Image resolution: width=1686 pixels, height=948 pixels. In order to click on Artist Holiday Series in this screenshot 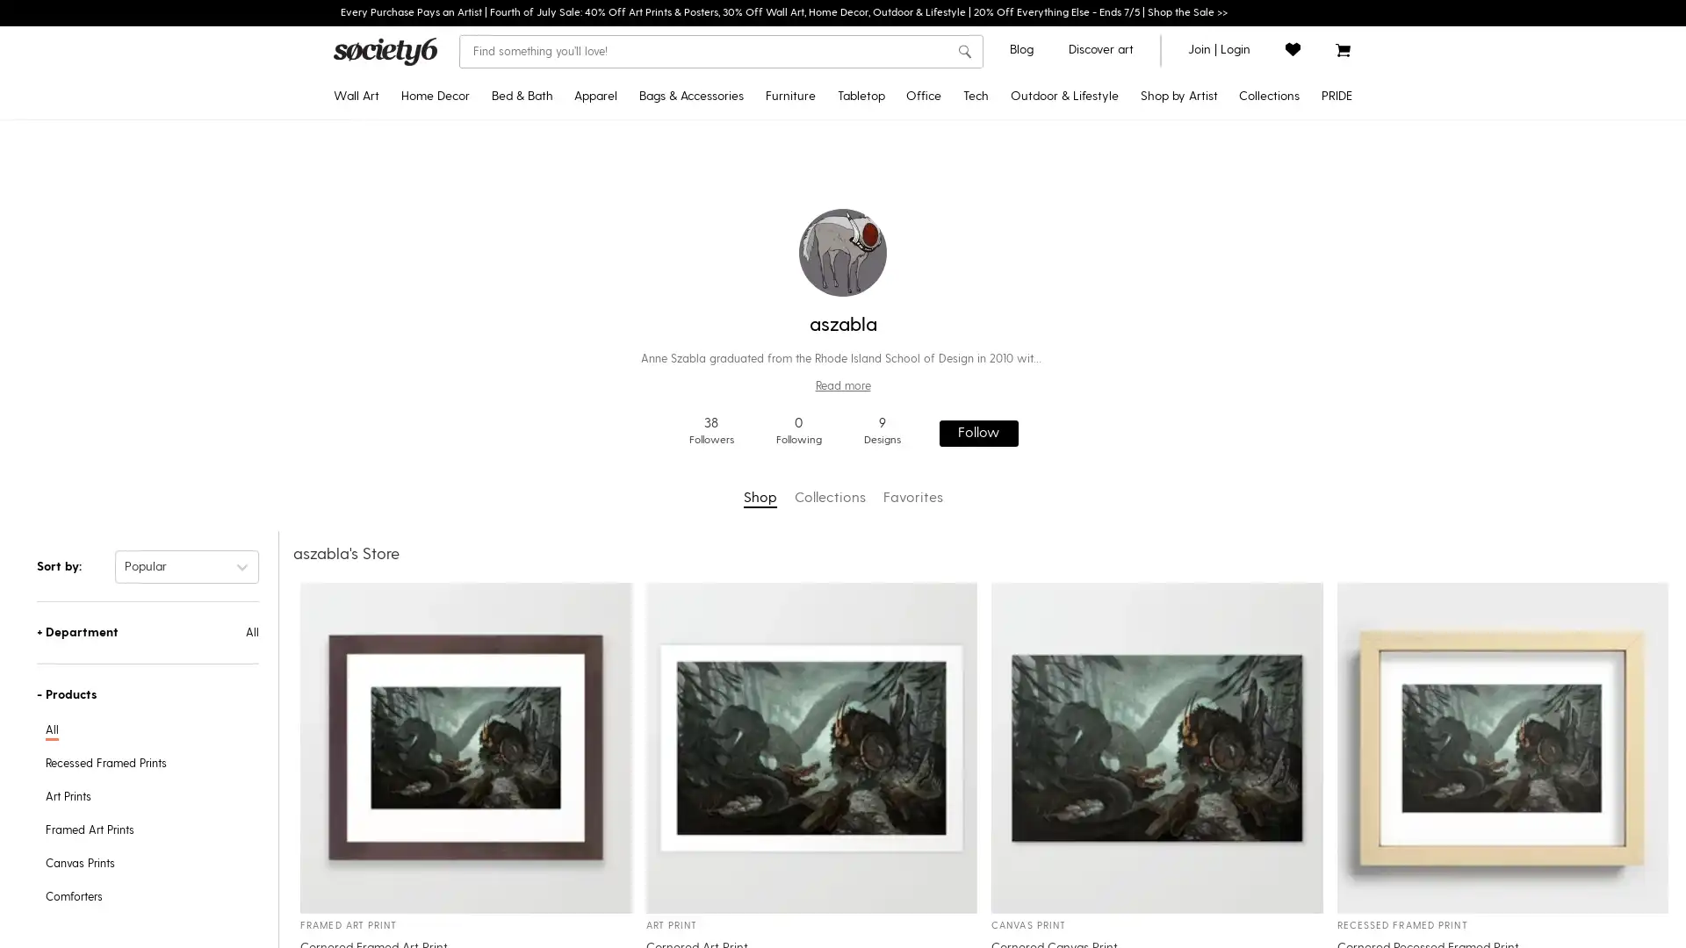, I will do `click(1131, 365)`.